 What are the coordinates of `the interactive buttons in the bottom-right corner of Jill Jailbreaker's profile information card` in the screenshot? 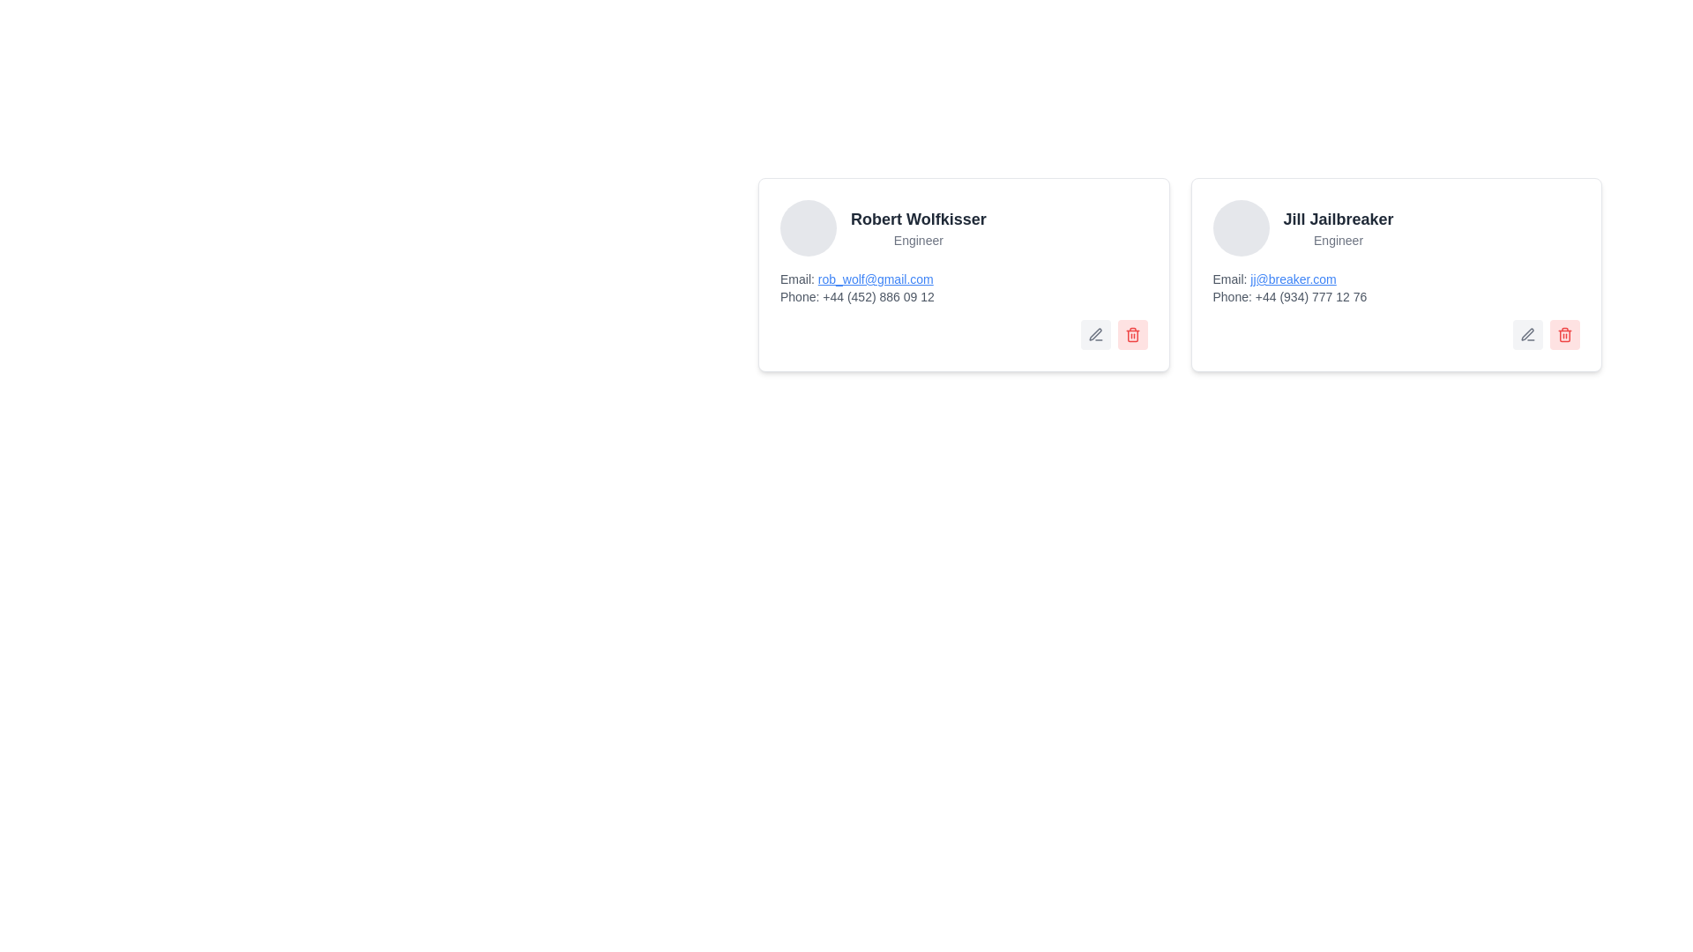 It's located at (1395, 335).